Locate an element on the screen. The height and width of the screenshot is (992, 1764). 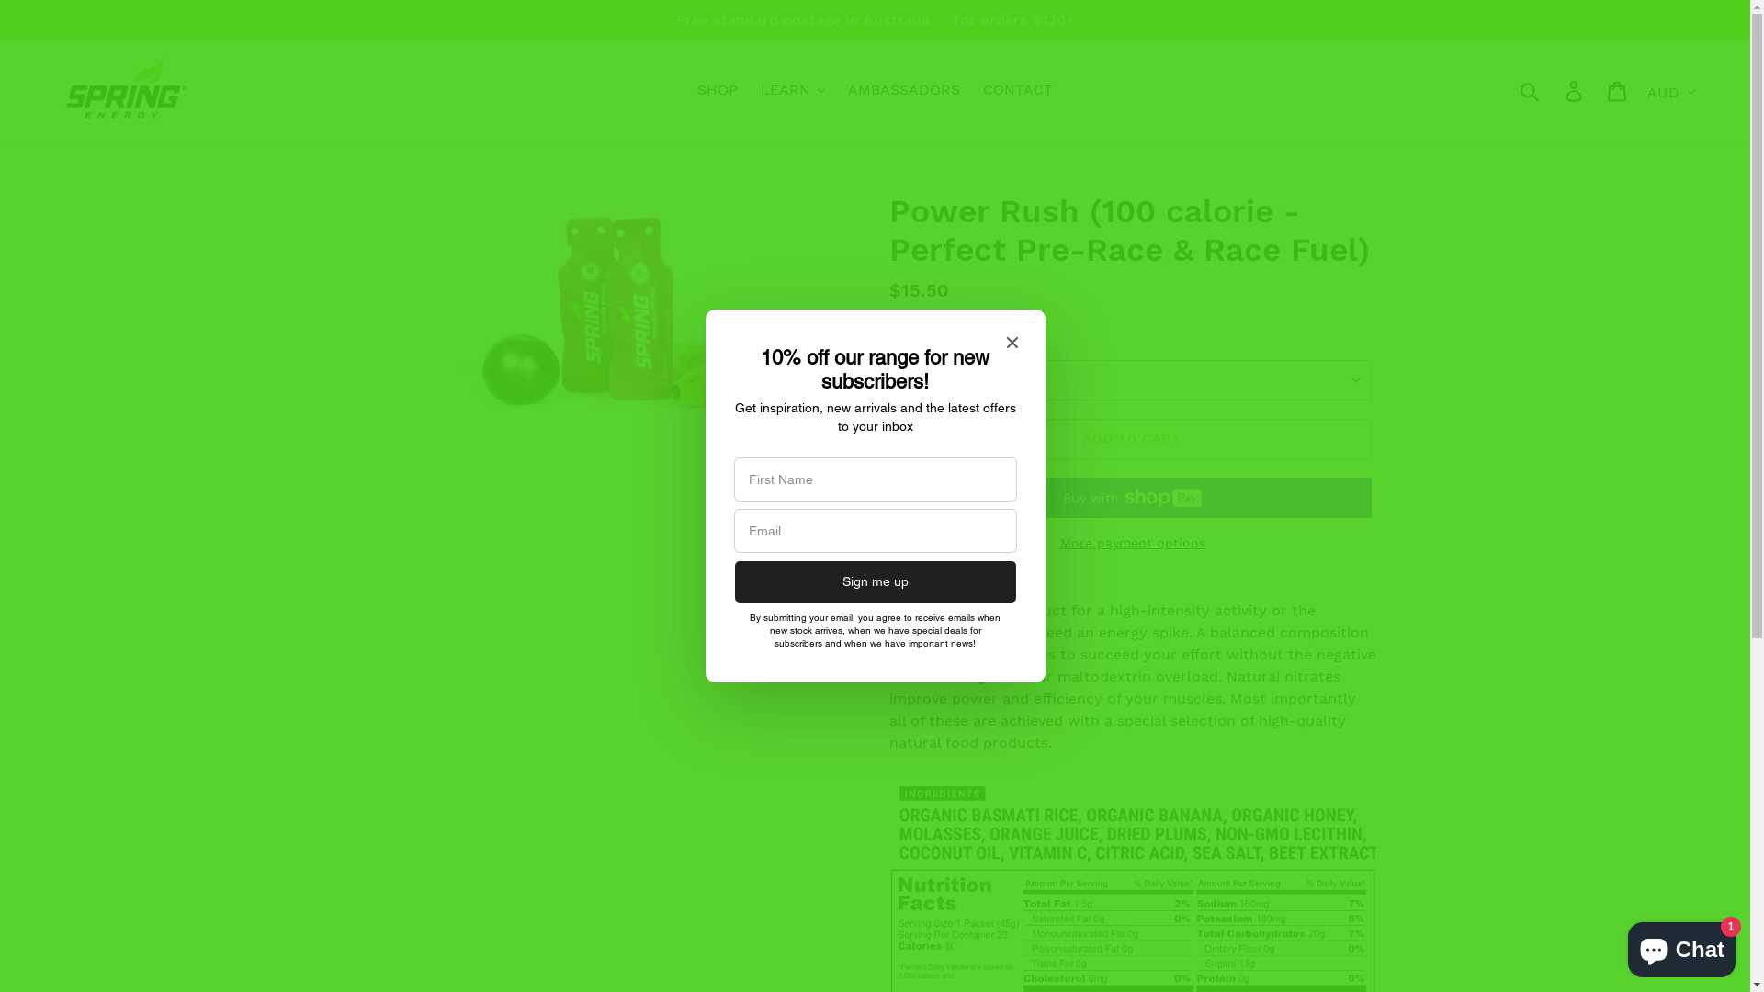
'SHOP' is located at coordinates (717, 89).